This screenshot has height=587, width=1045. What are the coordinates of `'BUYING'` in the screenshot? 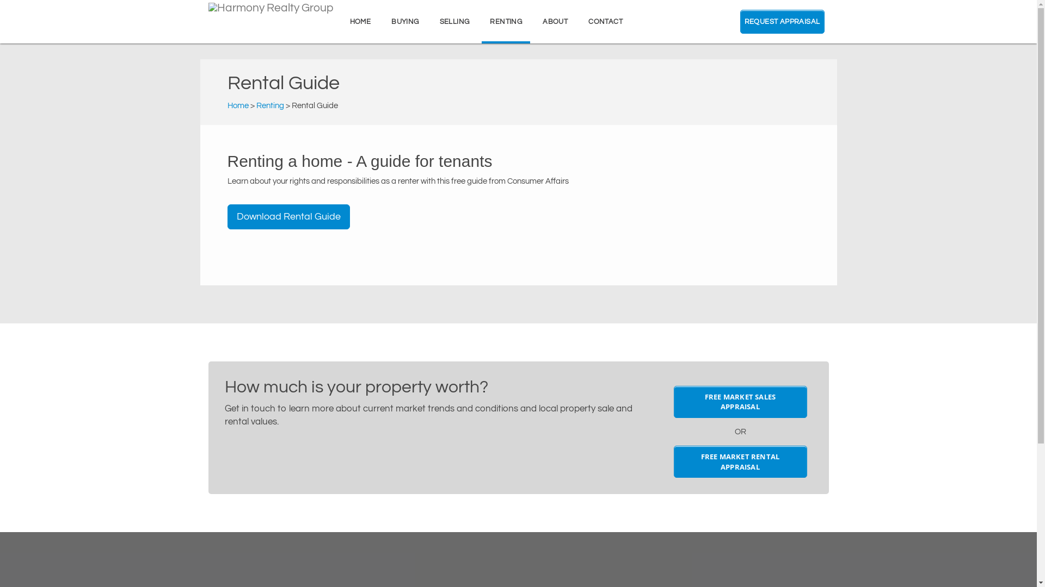 It's located at (404, 21).